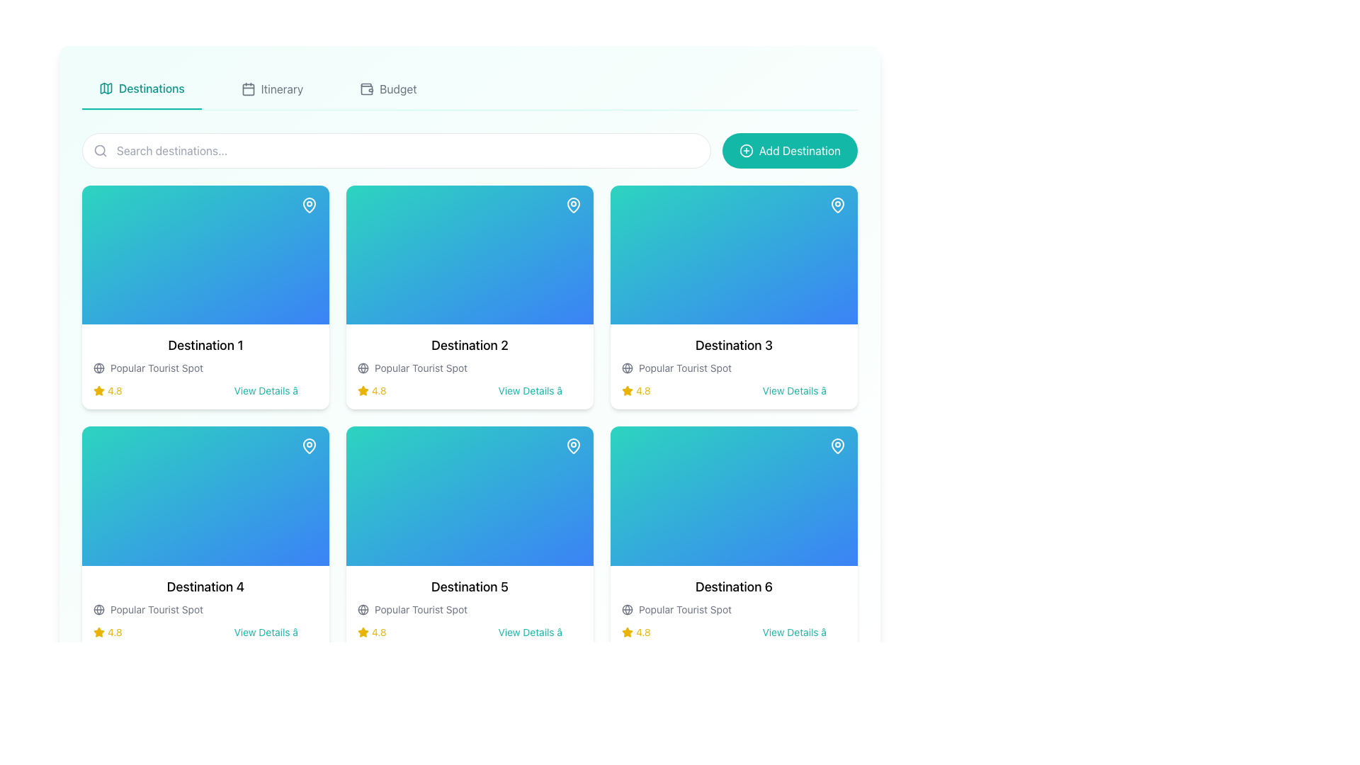  I want to click on the link located at the bottom-right corner of the card labeled 'Destination 6', so click(804, 631).